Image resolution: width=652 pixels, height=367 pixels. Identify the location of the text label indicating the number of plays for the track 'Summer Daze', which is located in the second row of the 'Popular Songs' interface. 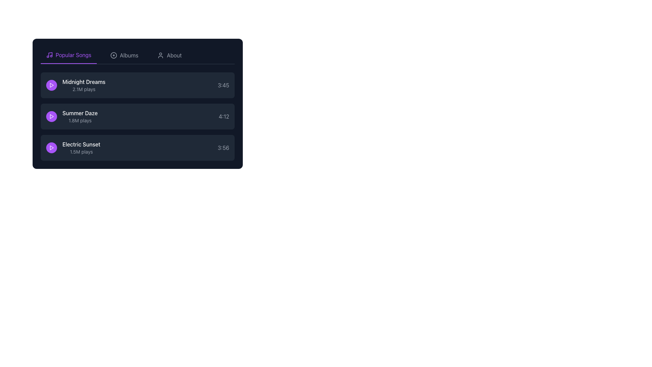
(80, 120).